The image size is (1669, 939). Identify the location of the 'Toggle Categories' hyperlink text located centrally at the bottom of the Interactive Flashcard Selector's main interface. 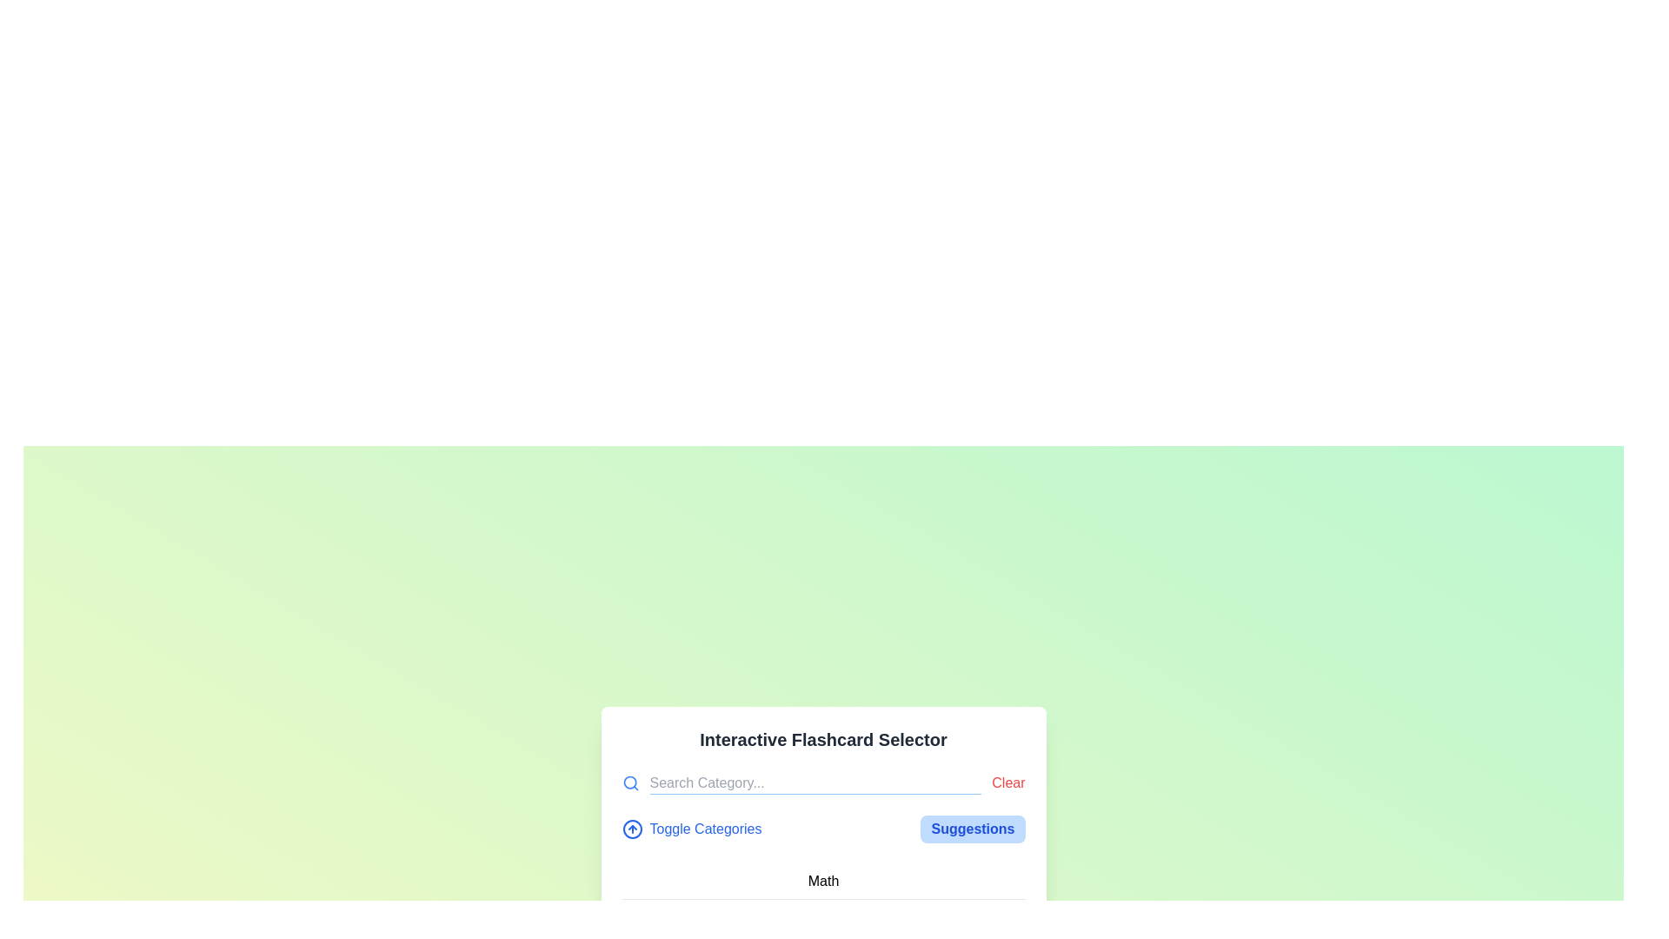
(705, 828).